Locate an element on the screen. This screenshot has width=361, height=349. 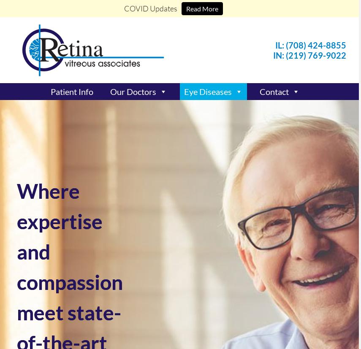
'Macular Edema' is located at coordinates (206, 170).